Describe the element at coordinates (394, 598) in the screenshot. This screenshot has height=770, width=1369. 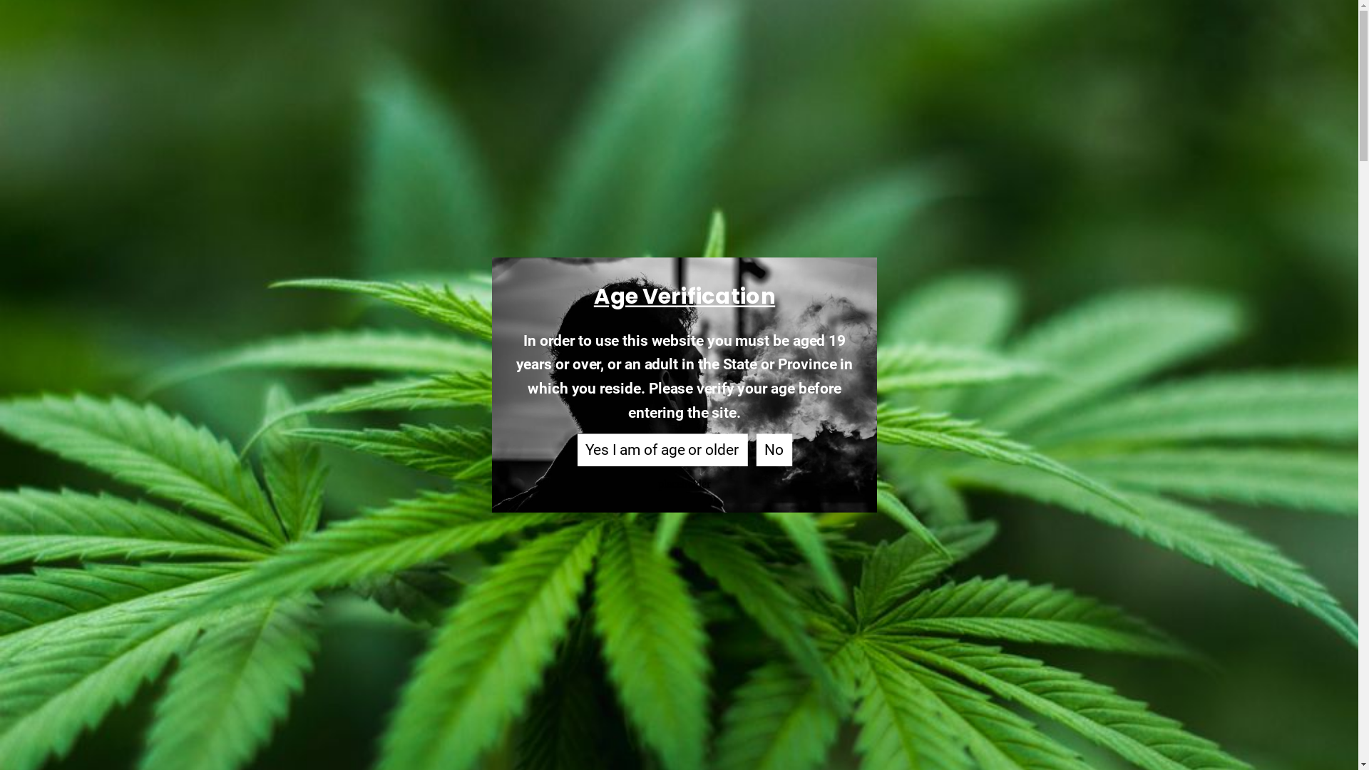
I see `'TERMS OF SERVICE'` at that location.